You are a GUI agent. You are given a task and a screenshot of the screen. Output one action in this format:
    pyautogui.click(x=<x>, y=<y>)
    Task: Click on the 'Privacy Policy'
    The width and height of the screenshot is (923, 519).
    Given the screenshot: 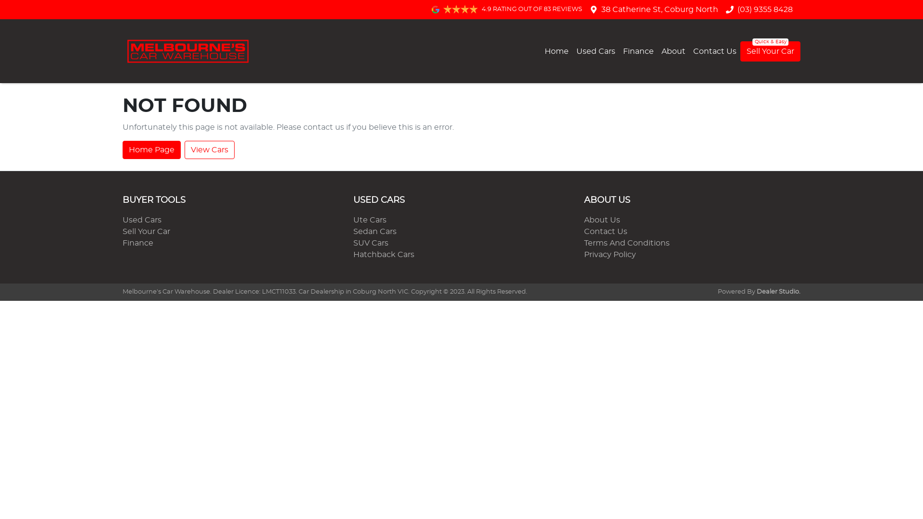 What is the action you would take?
    pyautogui.click(x=609, y=254)
    